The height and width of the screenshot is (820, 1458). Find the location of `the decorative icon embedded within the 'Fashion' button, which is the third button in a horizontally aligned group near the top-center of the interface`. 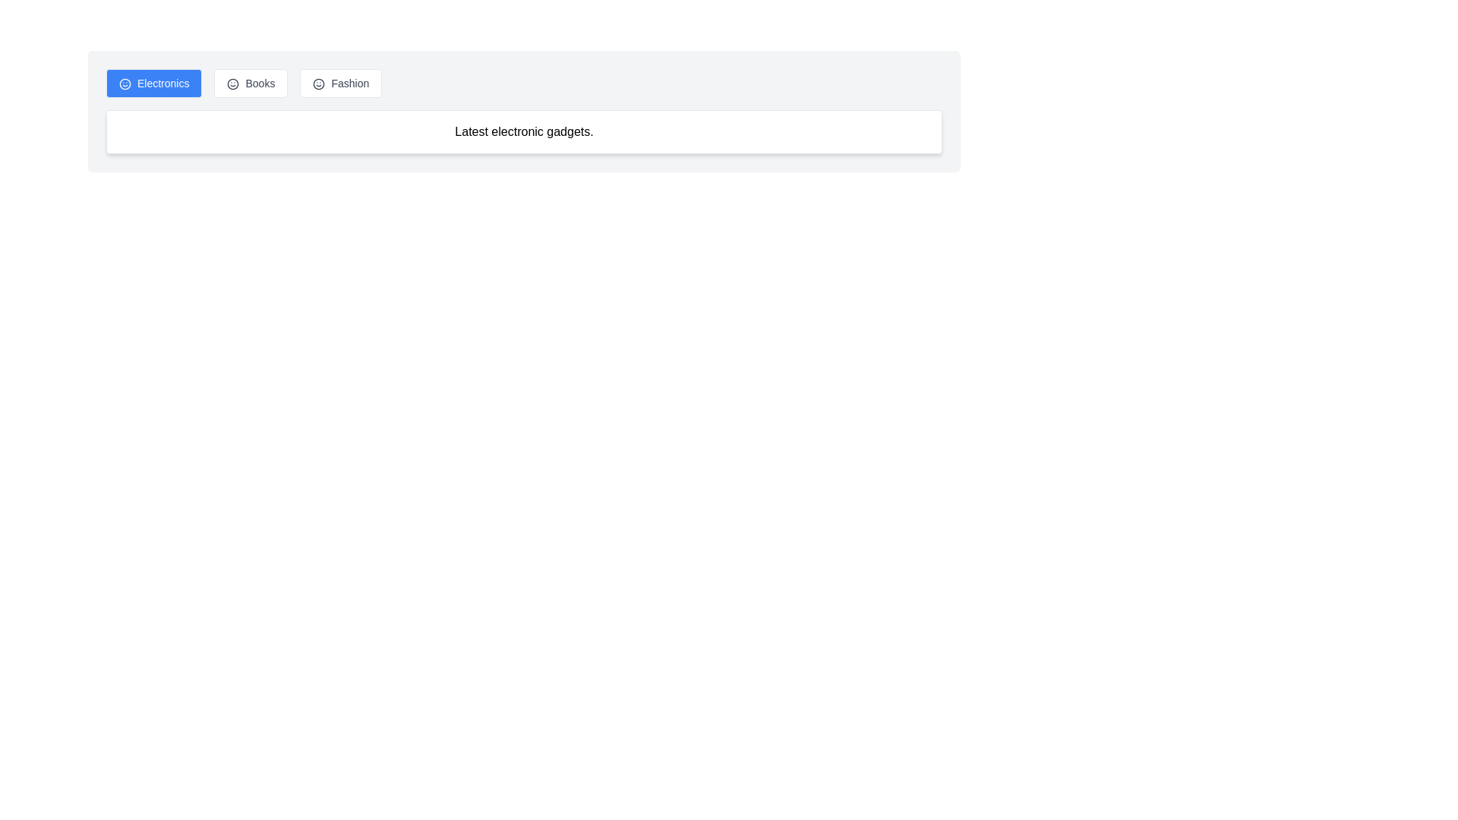

the decorative icon embedded within the 'Fashion' button, which is the third button in a horizontally aligned group near the top-center of the interface is located at coordinates (318, 84).